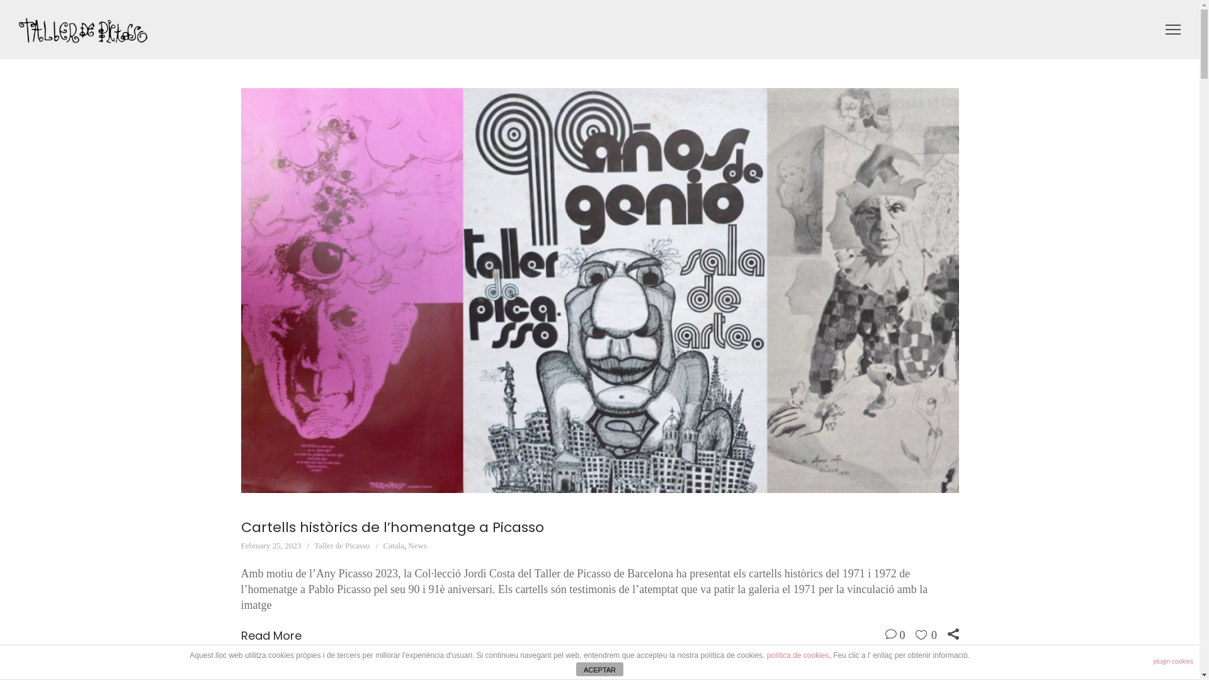  I want to click on 'News', so click(408, 545).